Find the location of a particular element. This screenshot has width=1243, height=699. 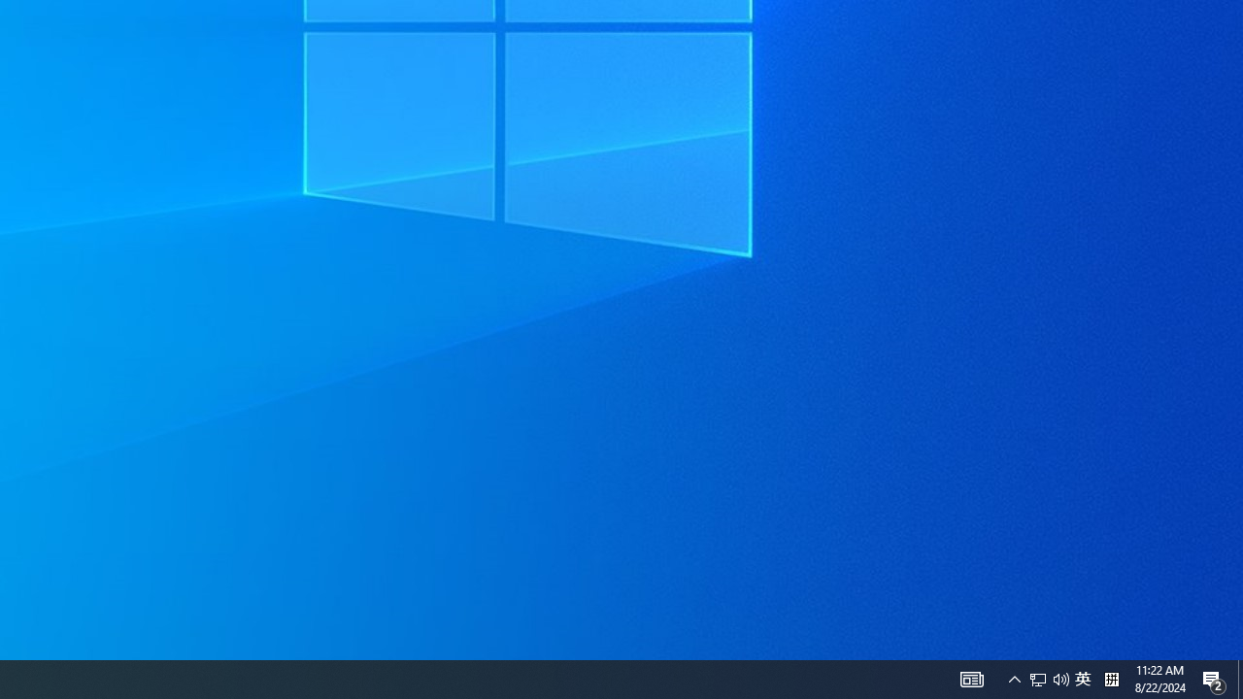

'Notification Chevron' is located at coordinates (1014, 678).